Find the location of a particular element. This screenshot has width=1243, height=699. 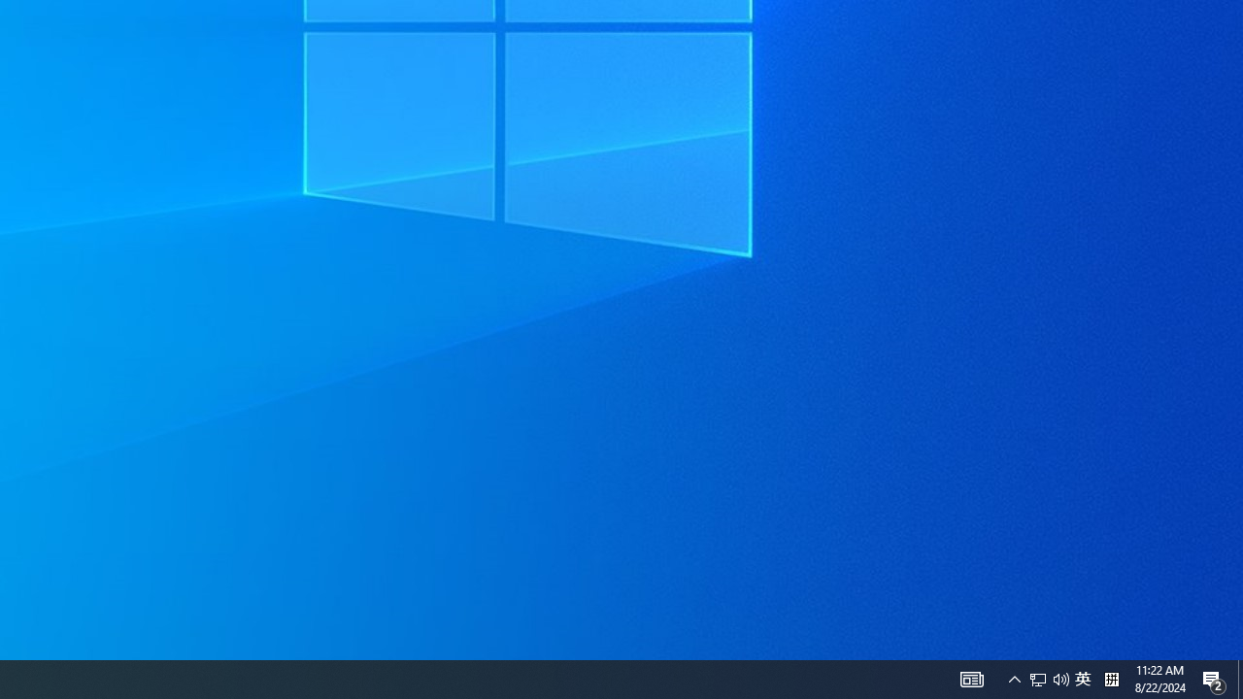

'Notification Chevron' is located at coordinates (1014, 678).